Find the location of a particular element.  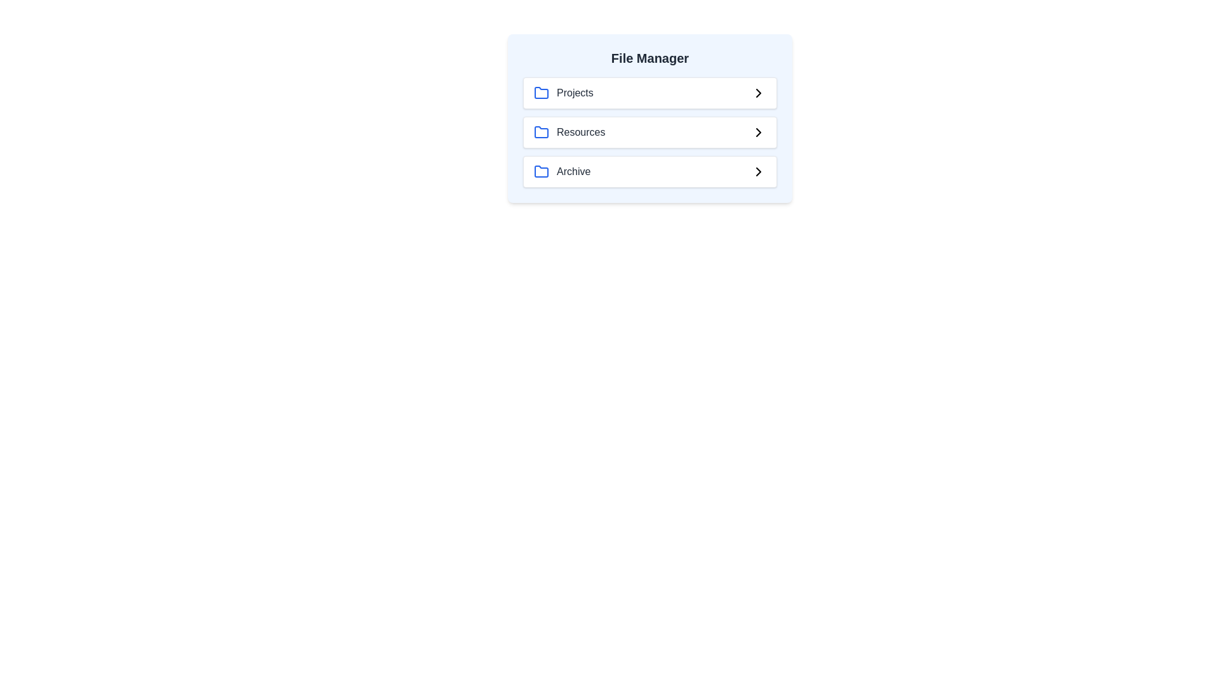

the Archive icon in the File Manager interface is located at coordinates (542, 171).